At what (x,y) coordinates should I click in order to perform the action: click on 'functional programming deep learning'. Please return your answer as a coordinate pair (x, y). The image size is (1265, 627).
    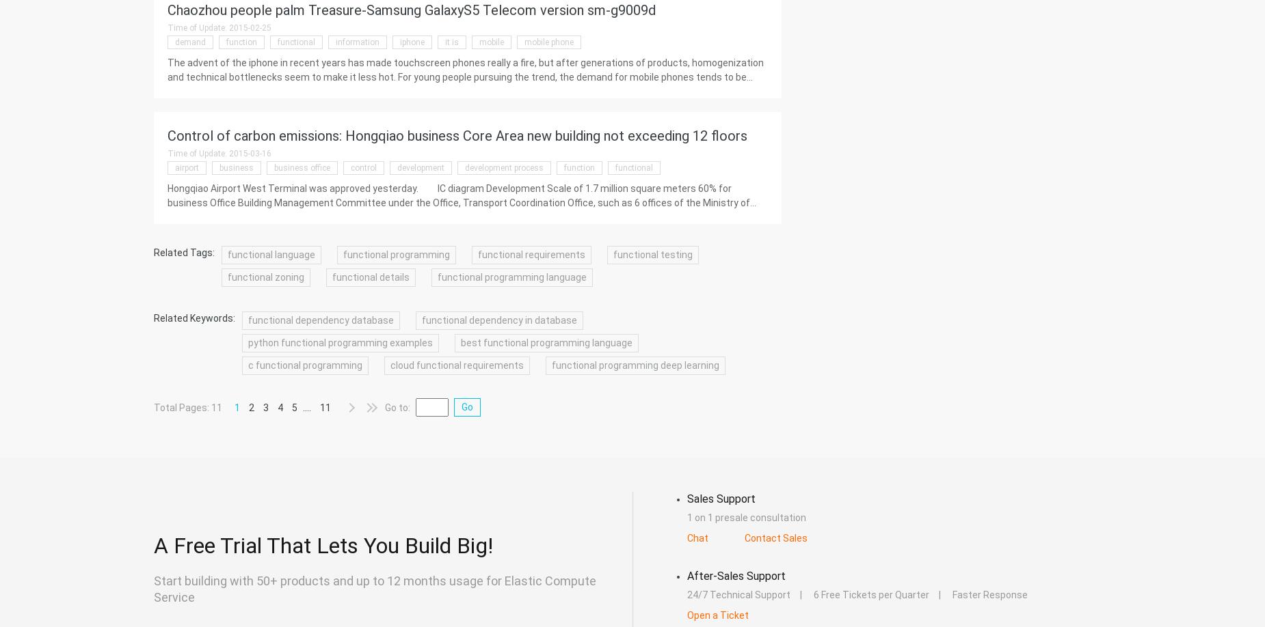
    Looking at the image, I should click on (635, 365).